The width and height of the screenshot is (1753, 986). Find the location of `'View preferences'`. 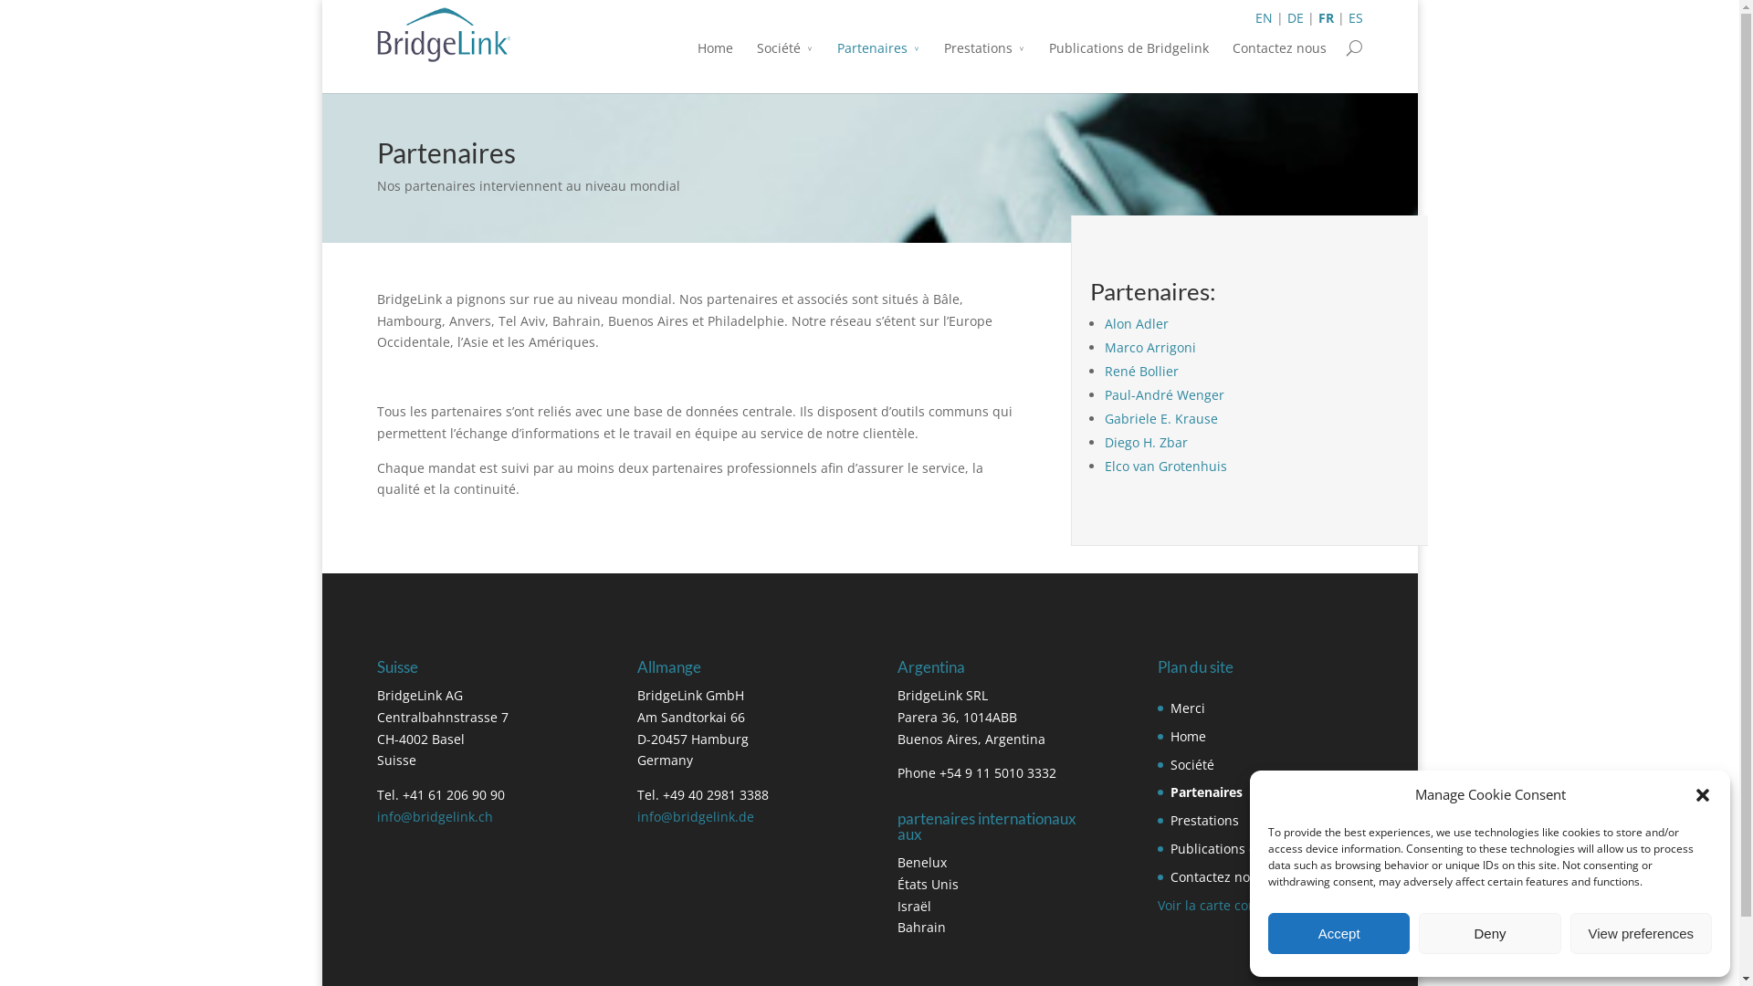

'View preferences' is located at coordinates (1641, 933).